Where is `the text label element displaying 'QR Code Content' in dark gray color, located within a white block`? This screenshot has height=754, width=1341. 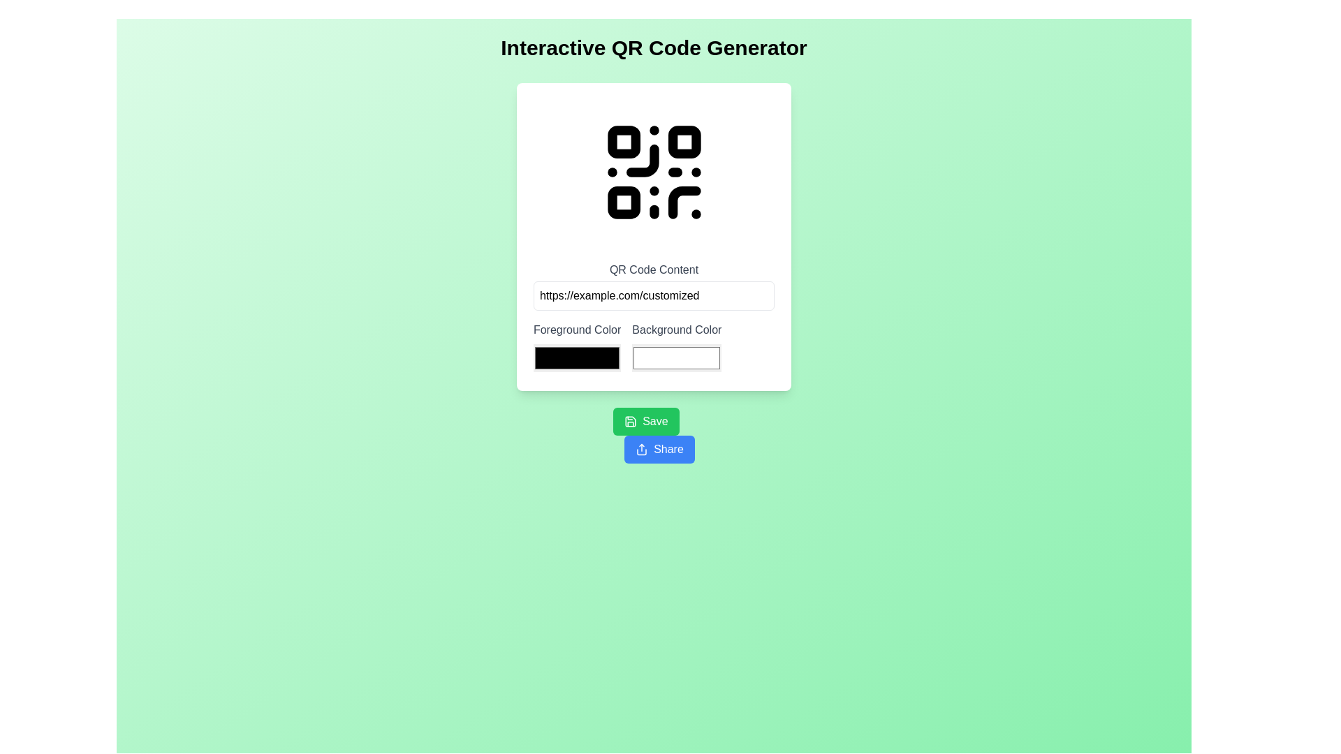 the text label element displaying 'QR Code Content' in dark gray color, located within a white block is located at coordinates (653, 269).